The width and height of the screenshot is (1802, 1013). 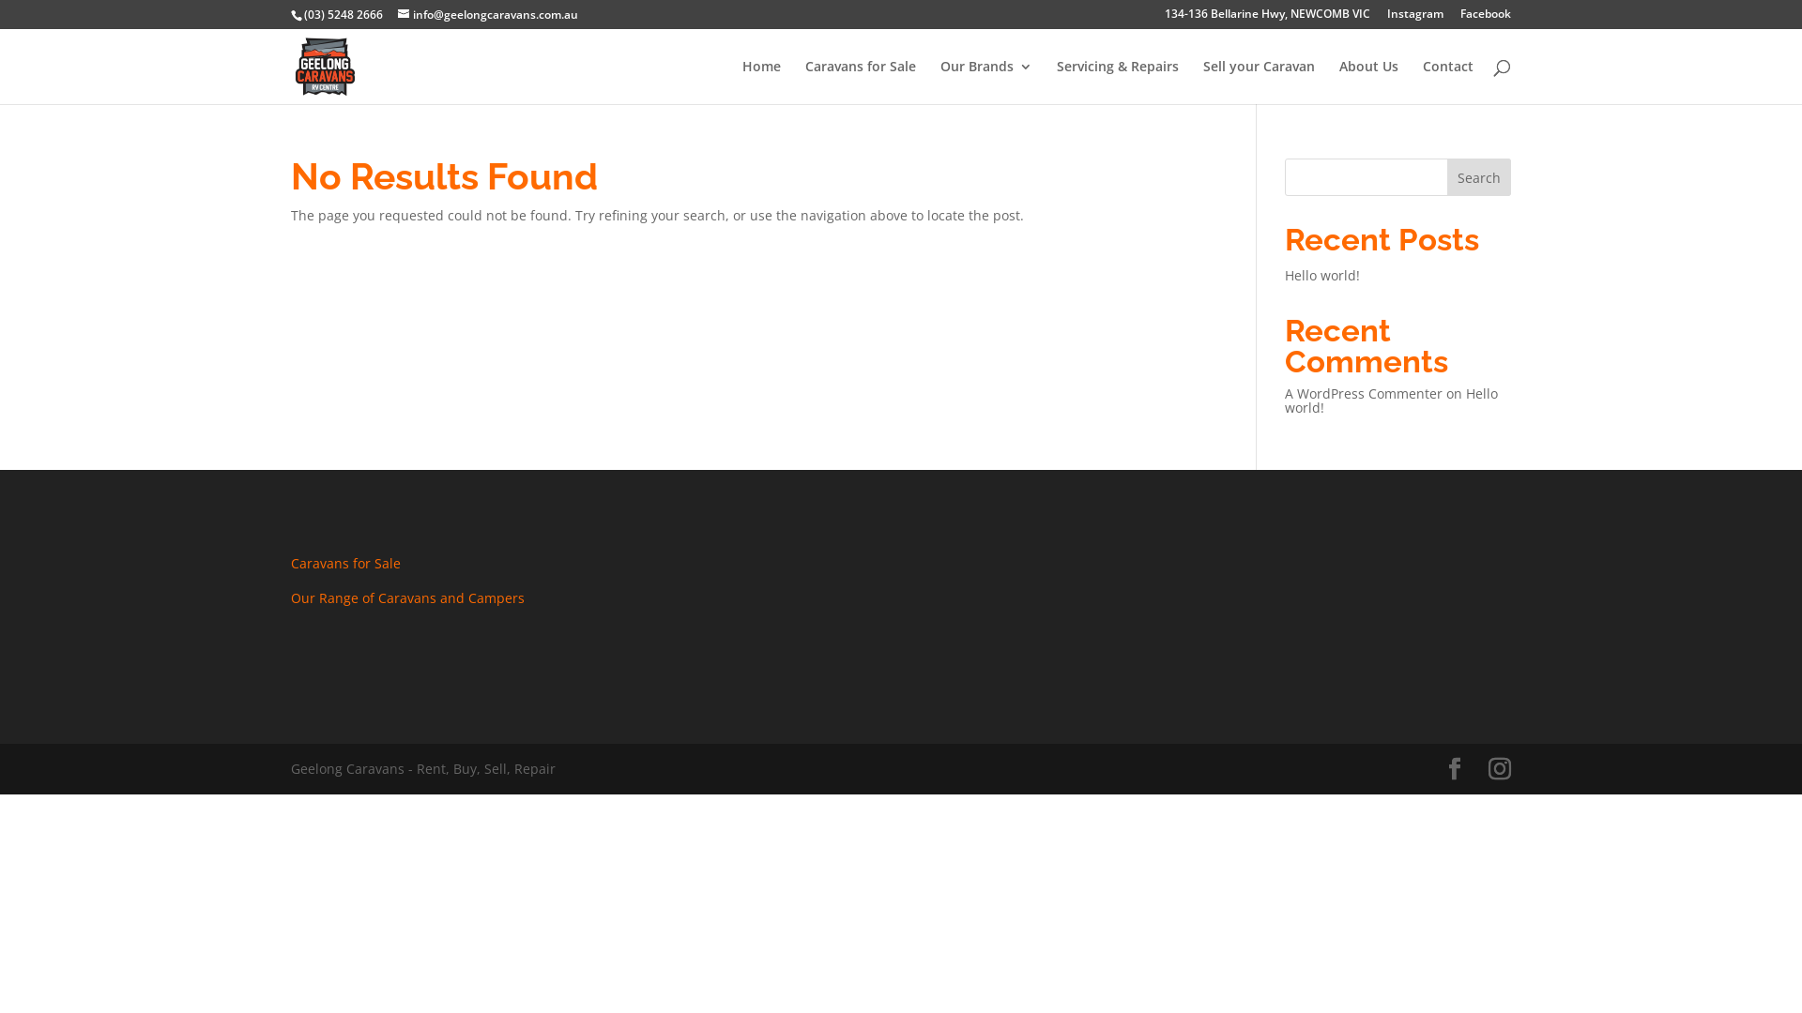 I want to click on 'Our Range of Caravans and Campers', so click(x=406, y=597).